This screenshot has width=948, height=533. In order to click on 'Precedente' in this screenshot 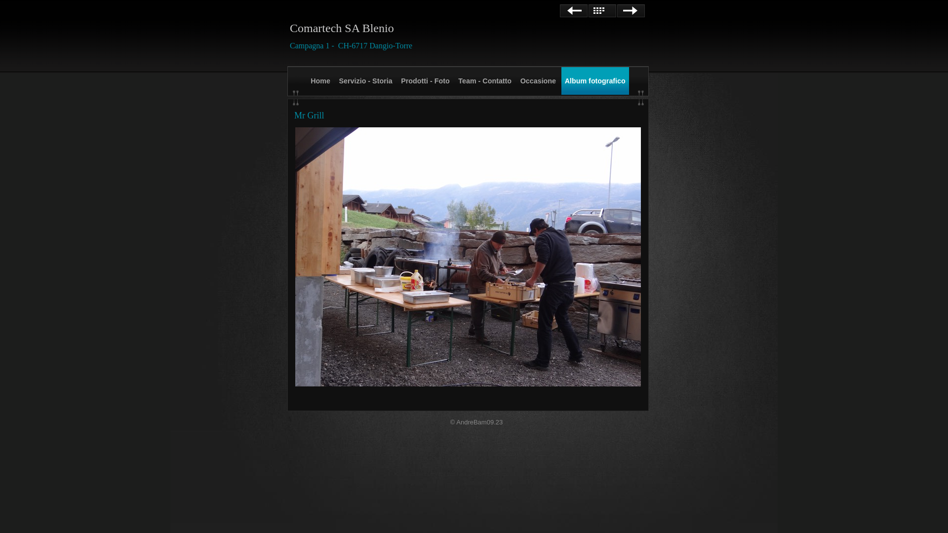, I will do `click(573, 11)`.